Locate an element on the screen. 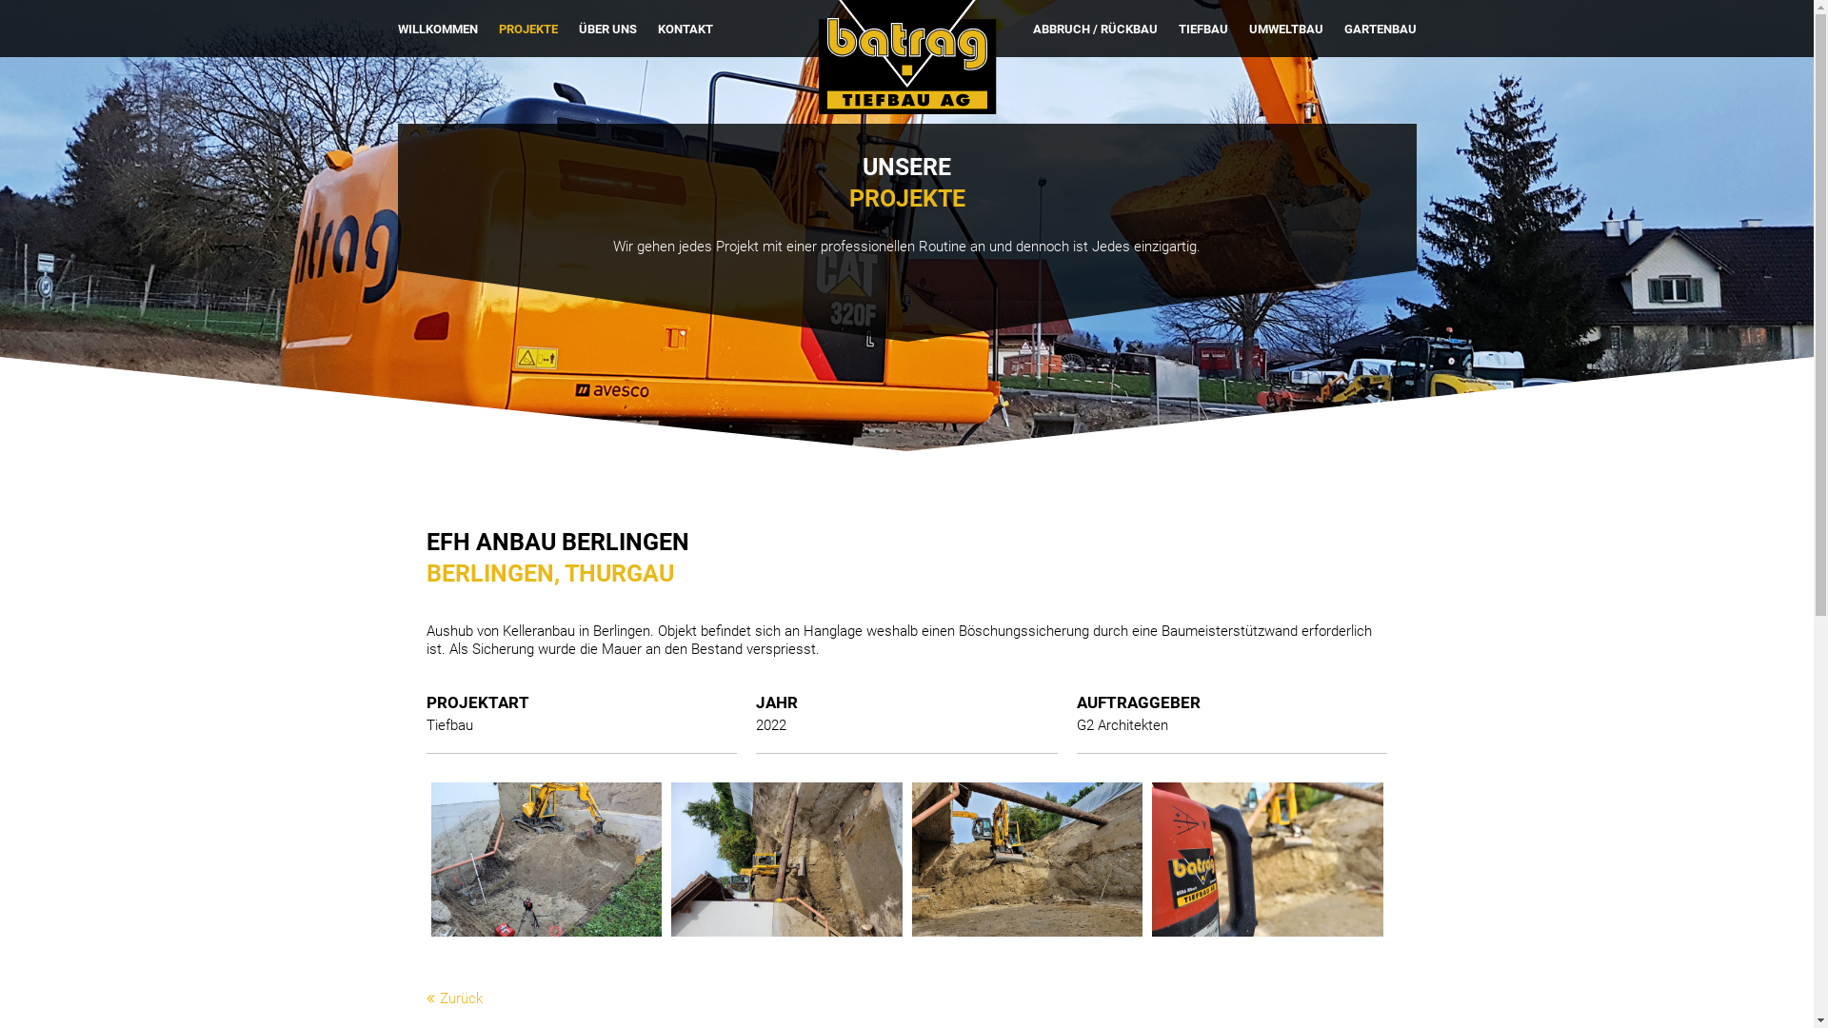 The height and width of the screenshot is (1028, 1828). 'TIEFBAU' is located at coordinates (1202, 29).